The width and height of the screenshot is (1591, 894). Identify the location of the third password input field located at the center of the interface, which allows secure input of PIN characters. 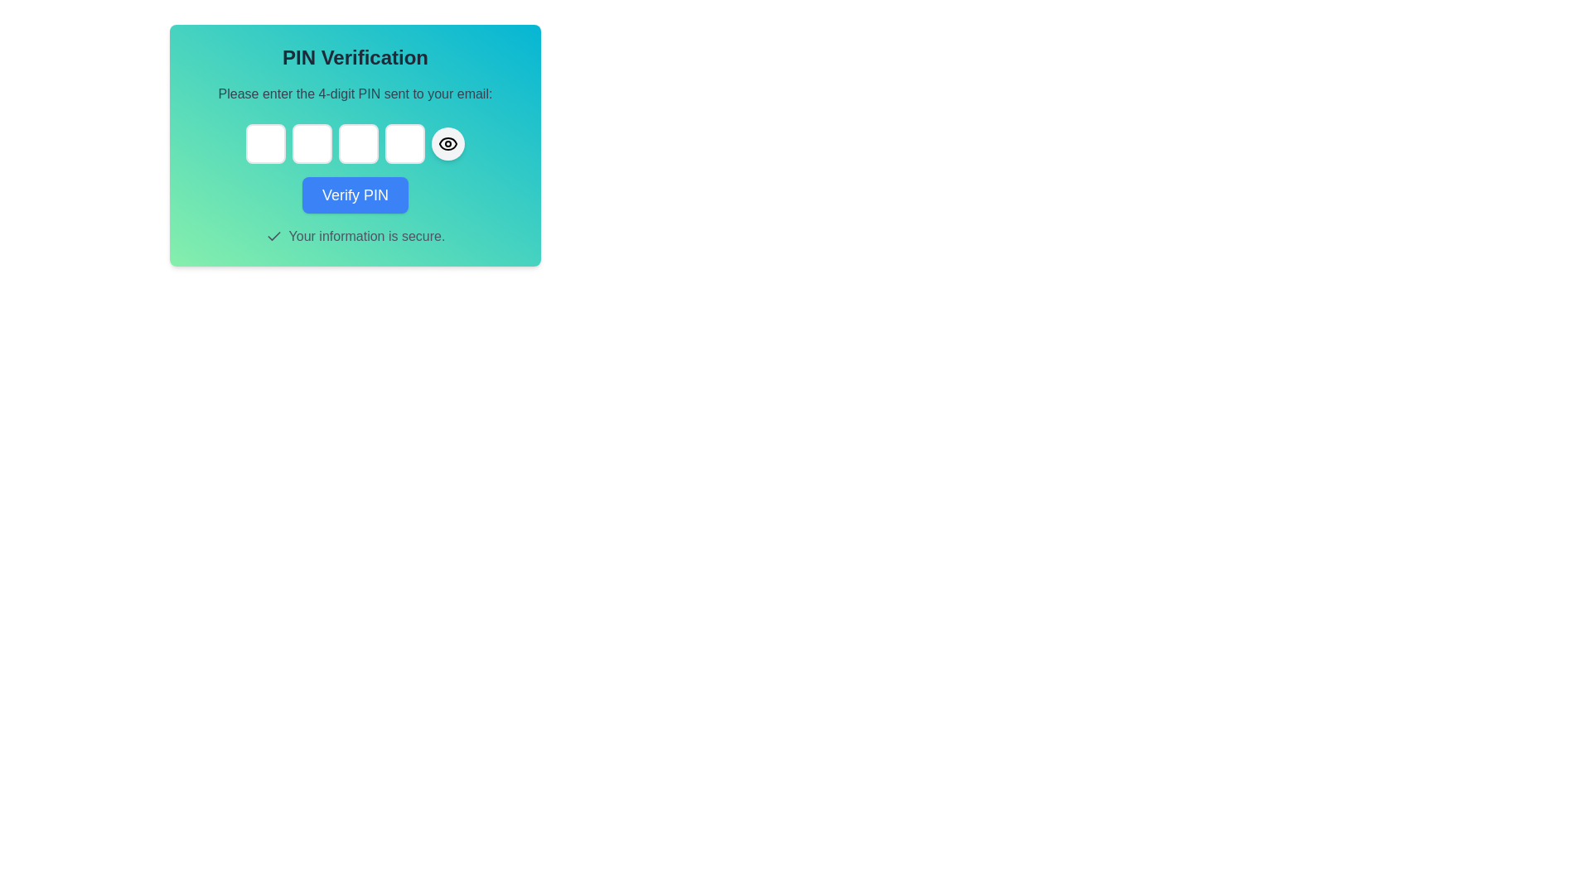
(357, 142).